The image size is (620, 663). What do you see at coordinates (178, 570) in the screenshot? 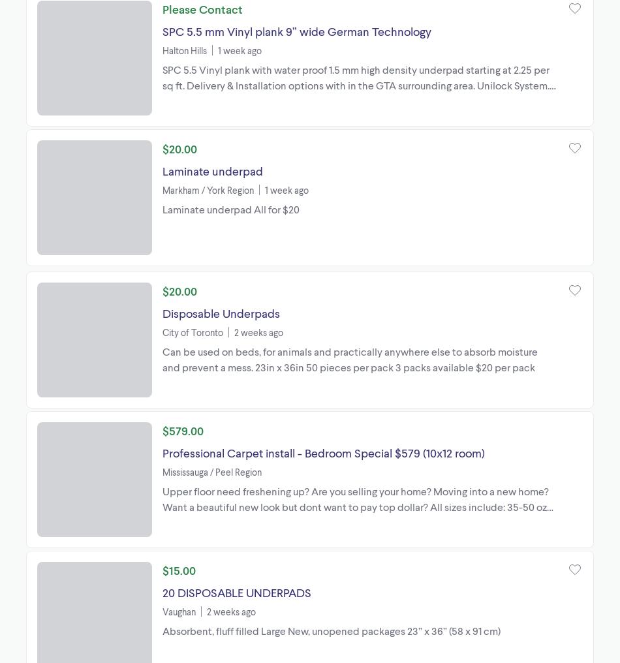
I see `'$15.00'` at bounding box center [178, 570].